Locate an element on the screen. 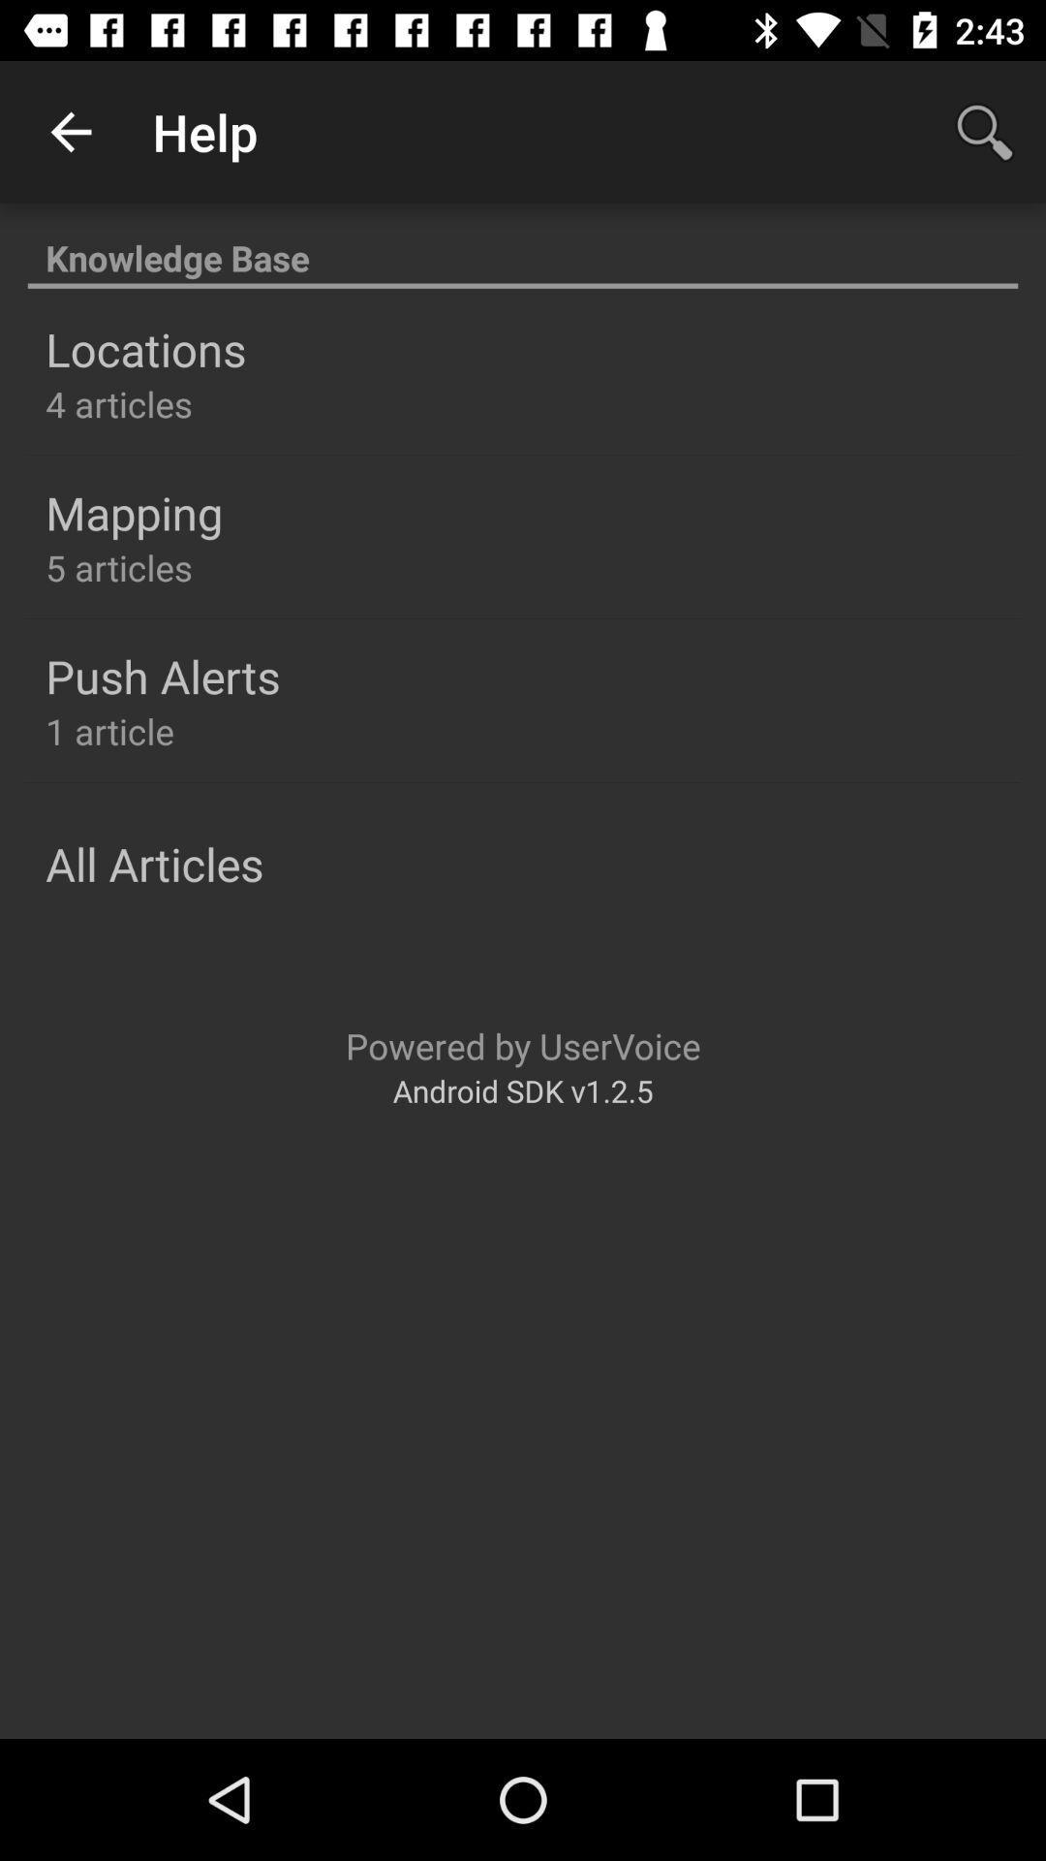 The image size is (1046, 1861). the 1 article item is located at coordinates (109, 730).